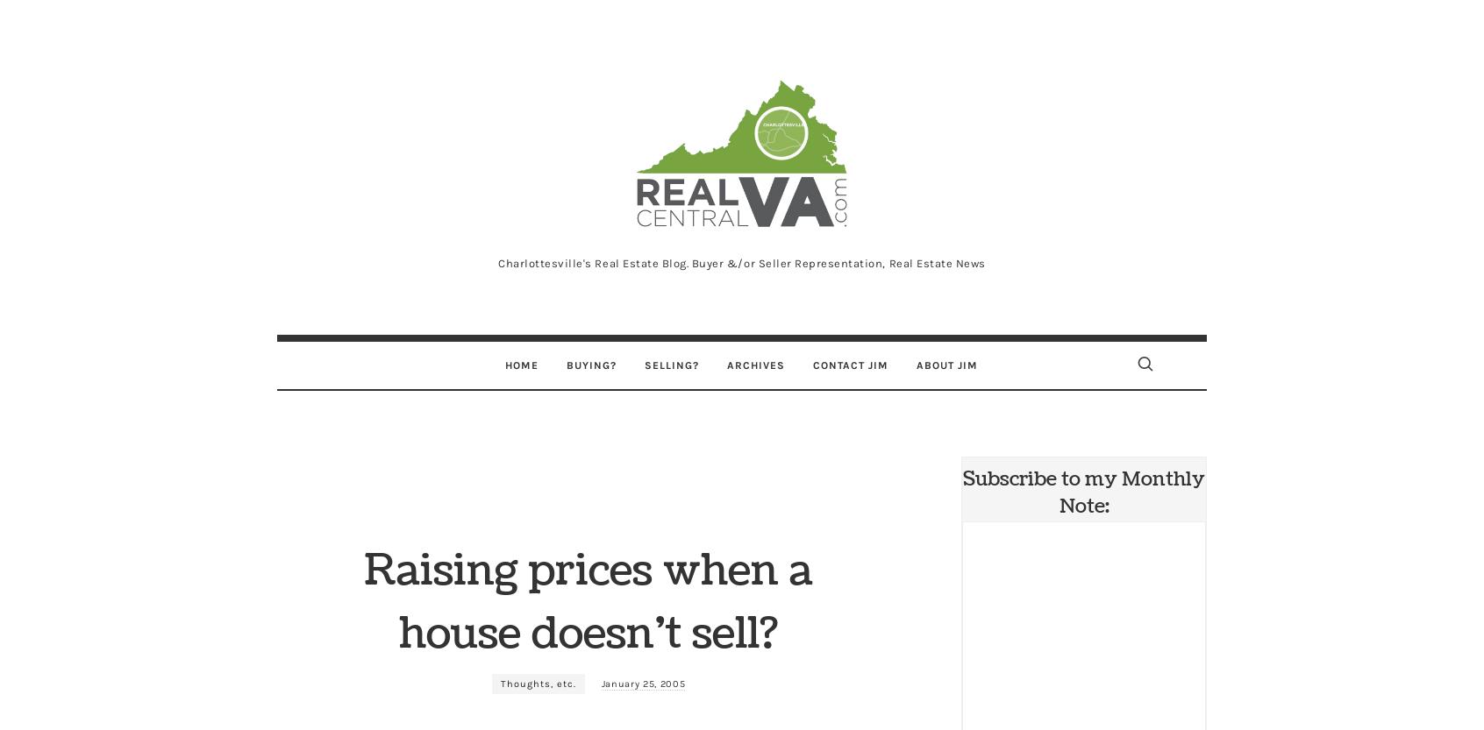  Describe the element at coordinates (537, 683) in the screenshot. I see `'Thoughts, etc.'` at that location.